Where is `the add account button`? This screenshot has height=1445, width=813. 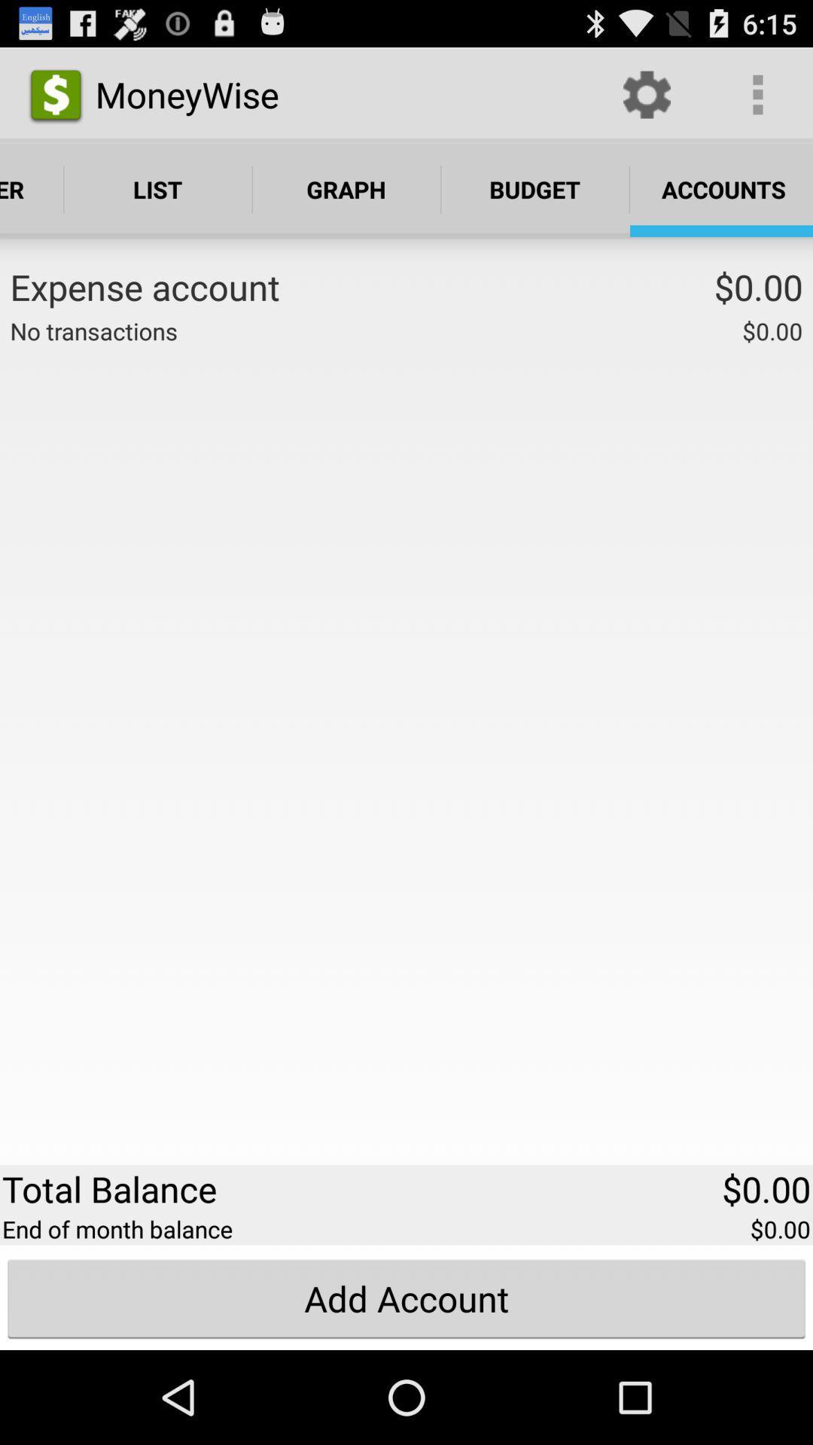
the add account button is located at coordinates (406, 1297).